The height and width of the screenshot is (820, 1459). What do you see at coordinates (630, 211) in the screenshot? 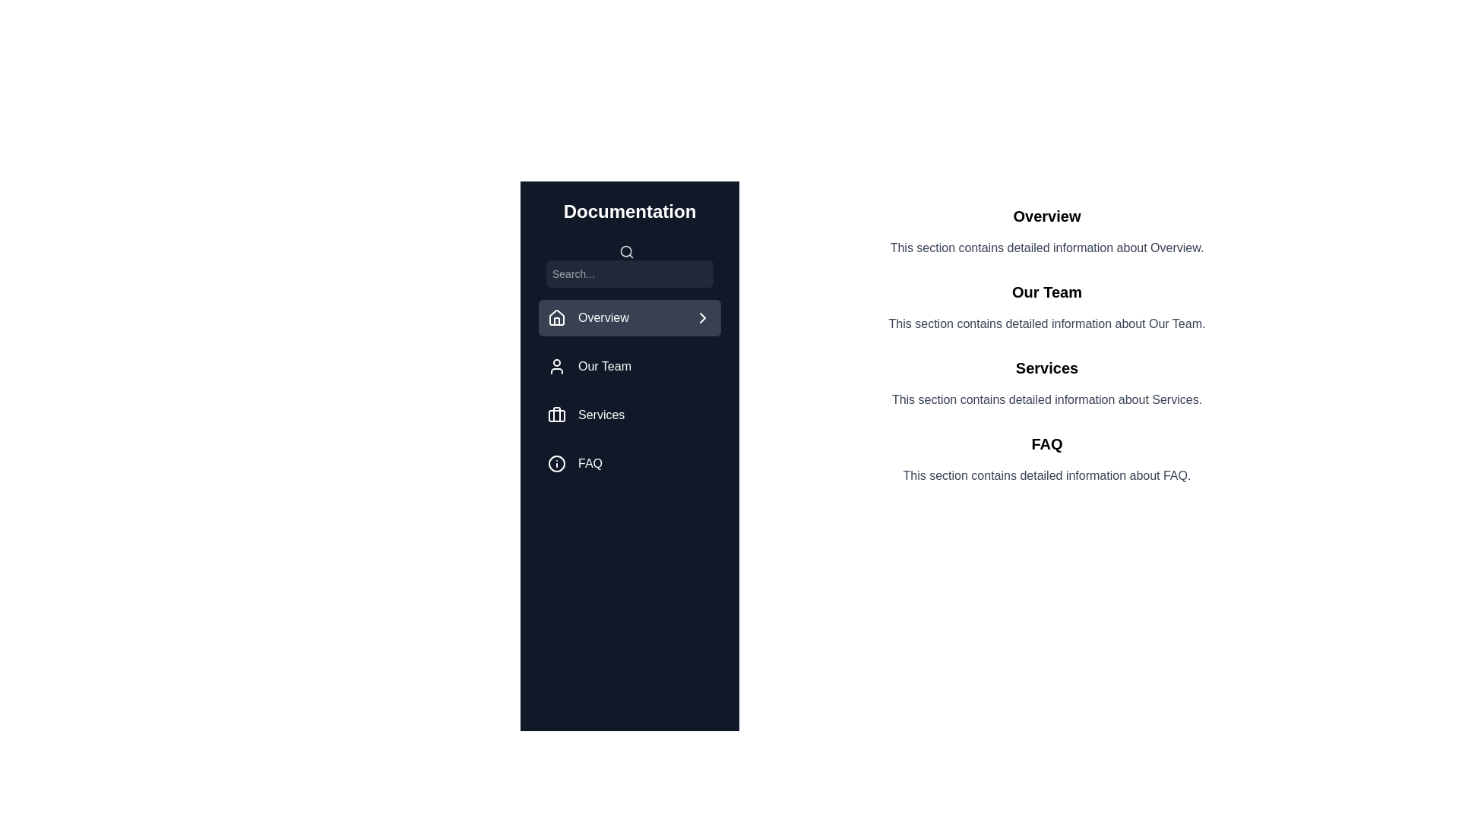
I see `the Text Label located at the top of the vertical sidebar, which serves as a section title above the search bar input field` at bounding box center [630, 211].